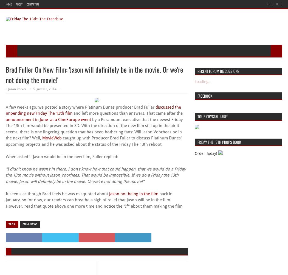  I want to click on 'Loading...', so click(202, 81).